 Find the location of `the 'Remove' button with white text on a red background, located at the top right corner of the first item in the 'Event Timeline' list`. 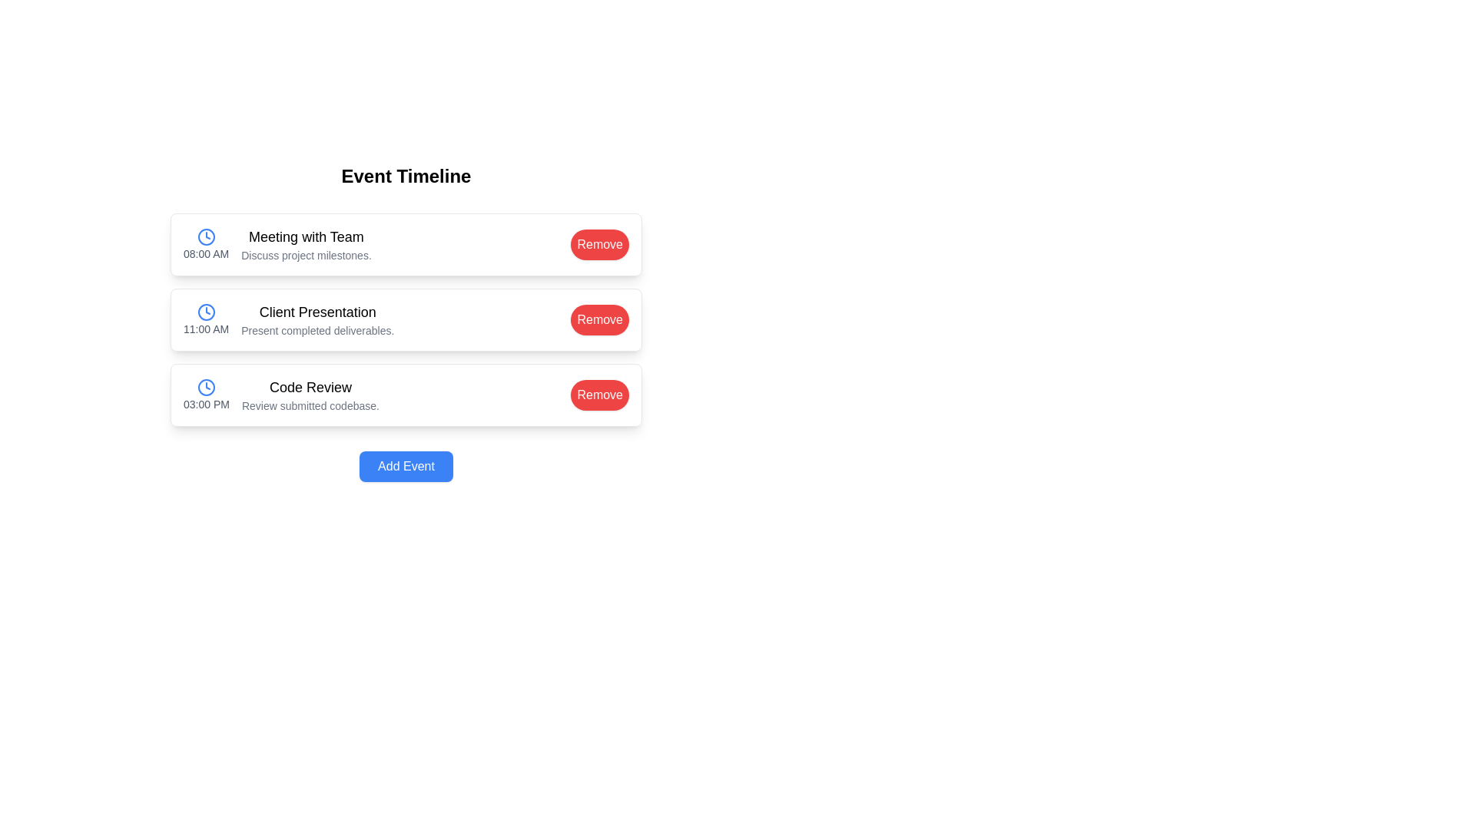

the 'Remove' button with white text on a red background, located at the top right corner of the first item in the 'Event Timeline' list is located at coordinates (599, 243).